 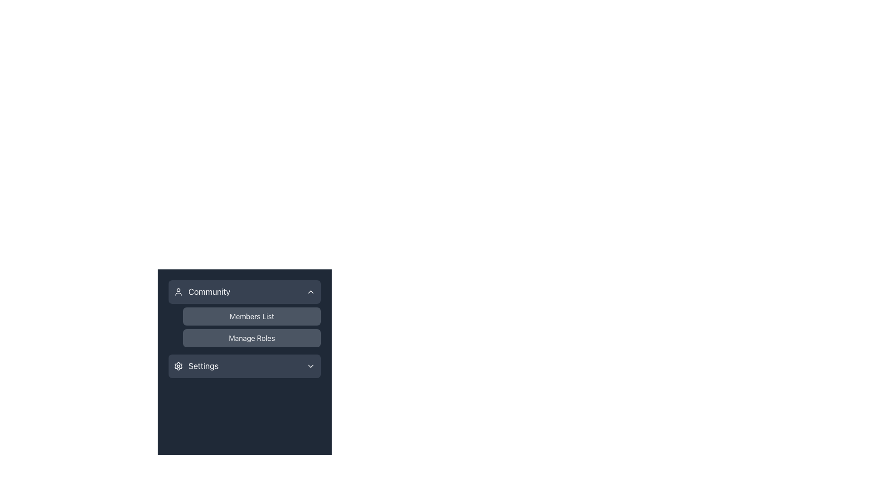 I want to click on the 'Manage Roles' button, which is a rectangular button with a rounded border and gray background, located beneath the 'Members List' button in the vertical menu, so click(x=244, y=329).